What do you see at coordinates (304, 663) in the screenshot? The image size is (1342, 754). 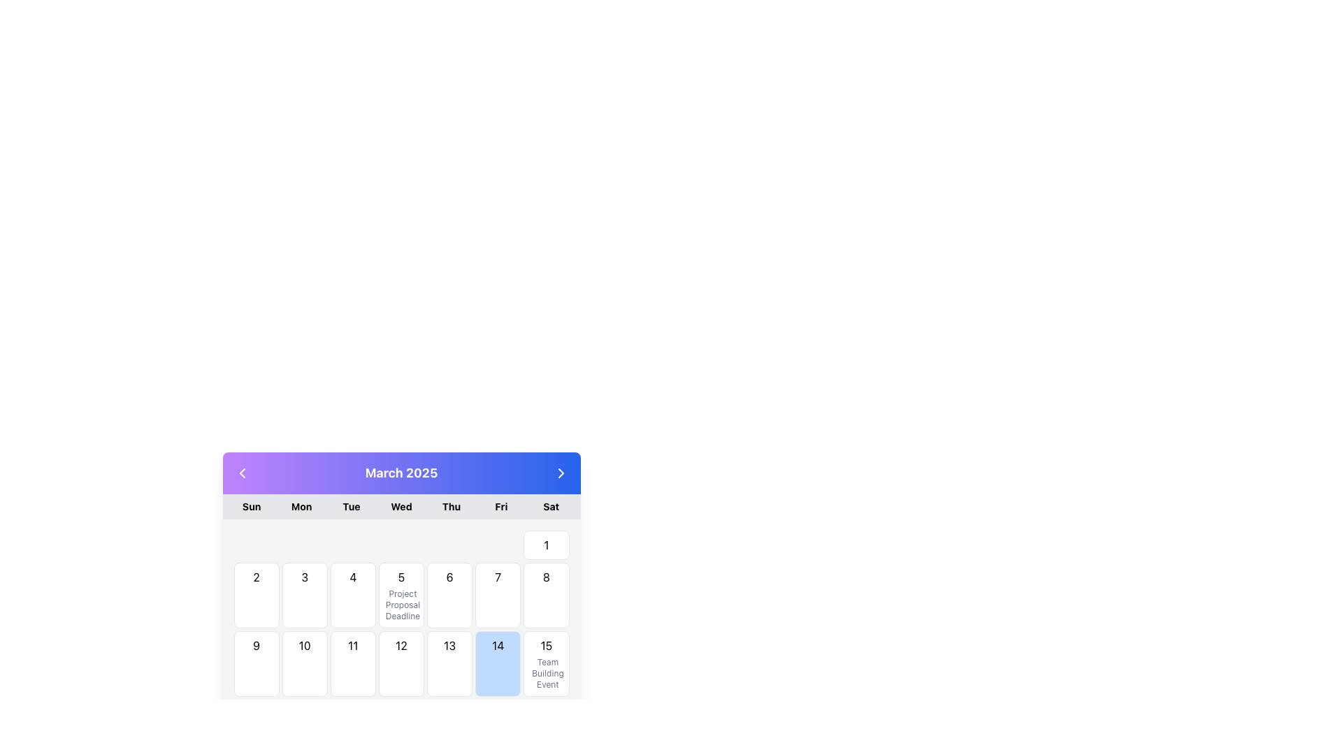 I see `the static calendar day box displaying the date '10'` at bounding box center [304, 663].